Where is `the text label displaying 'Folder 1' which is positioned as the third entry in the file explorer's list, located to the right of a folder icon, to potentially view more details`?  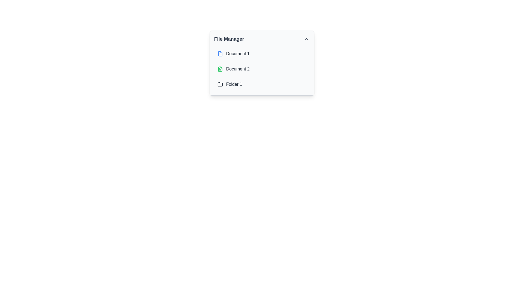 the text label displaying 'Folder 1' which is positioned as the third entry in the file explorer's list, located to the right of a folder icon, to potentially view more details is located at coordinates (234, 84).